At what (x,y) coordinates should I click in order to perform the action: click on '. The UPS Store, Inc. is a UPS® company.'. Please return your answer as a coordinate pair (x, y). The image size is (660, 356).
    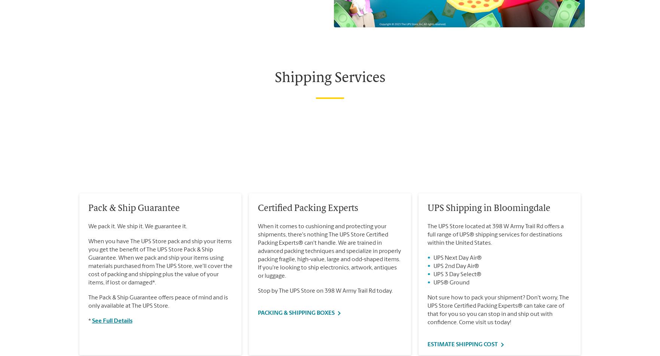
    Looking at the image, I should click on (161, 34).